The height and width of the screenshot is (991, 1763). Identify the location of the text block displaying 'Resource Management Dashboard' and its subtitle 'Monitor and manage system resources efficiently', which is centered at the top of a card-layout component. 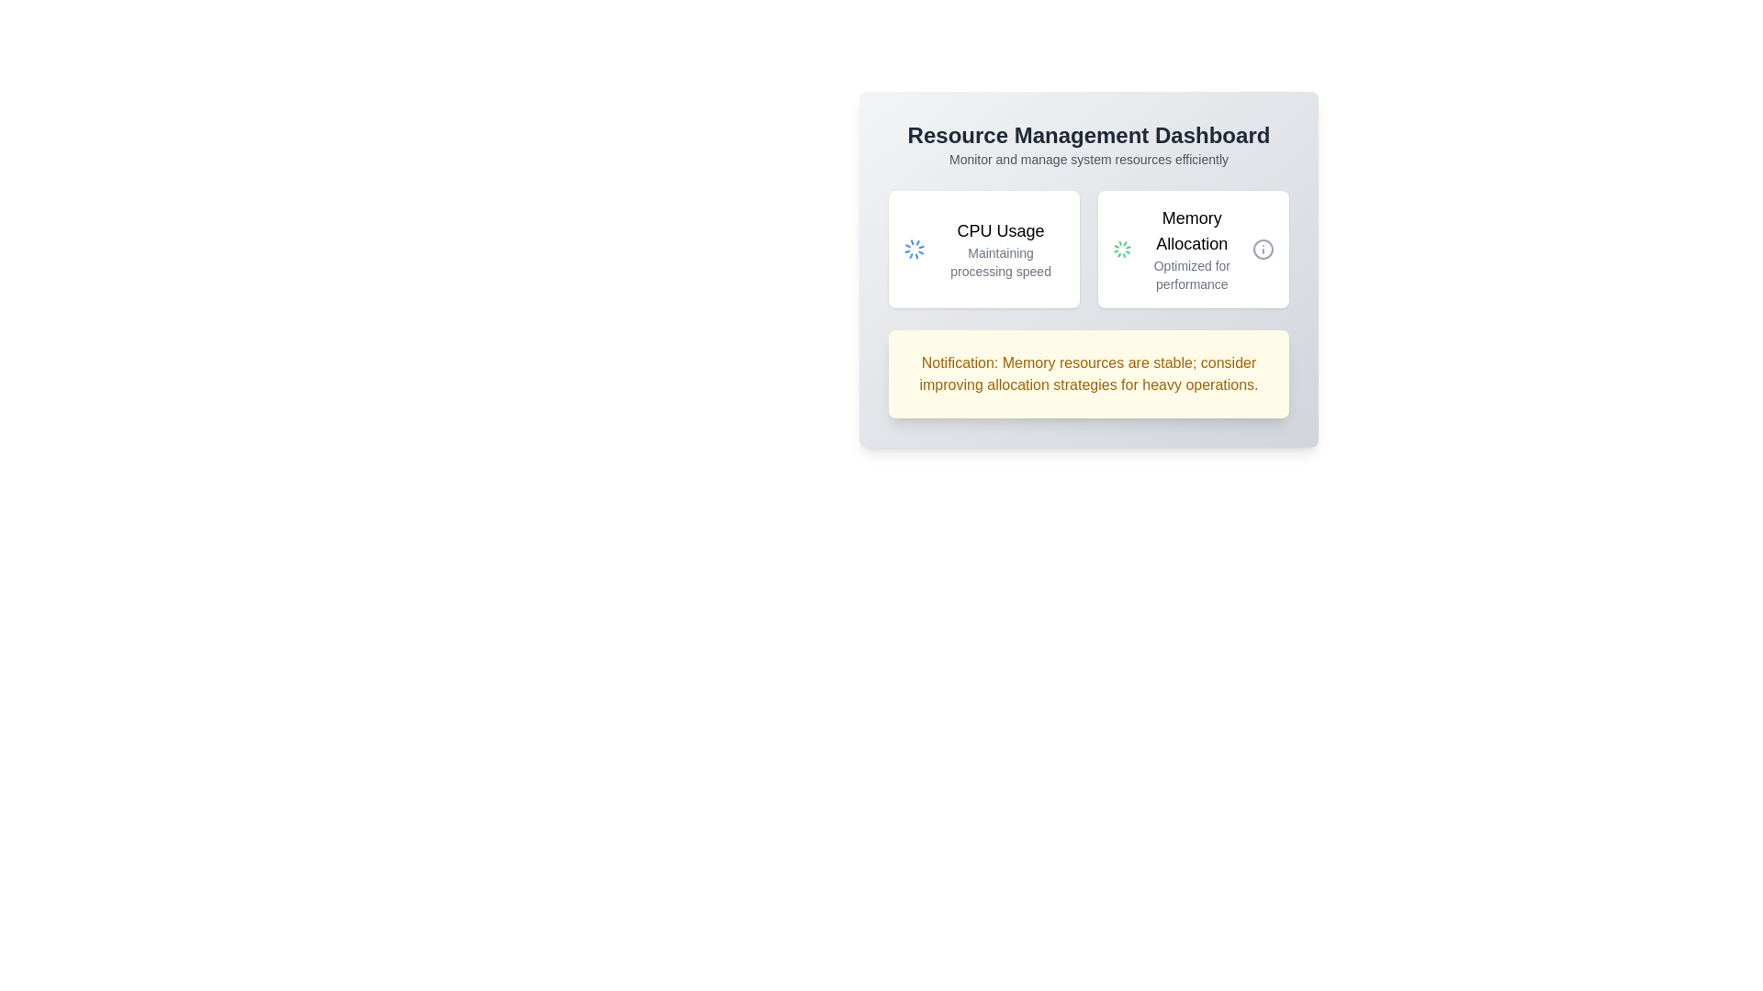
(1088, 144).